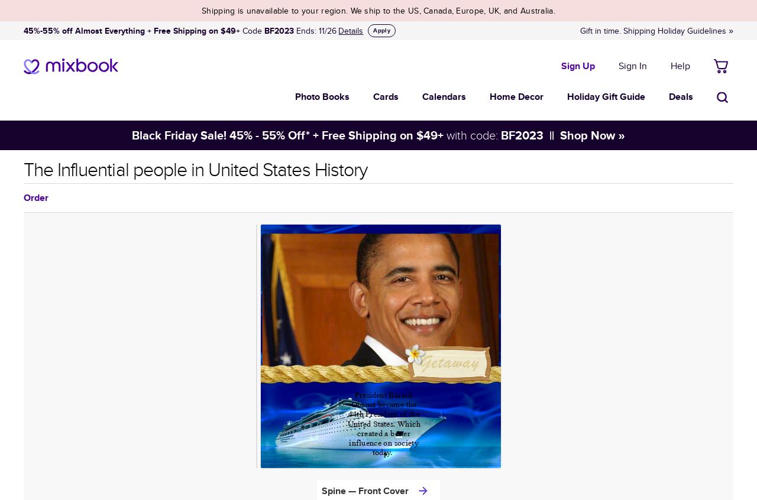  Describe the element at coordinates (606, 96) in the screenshot. I see `'Holiday Gift Guide'` at that location.